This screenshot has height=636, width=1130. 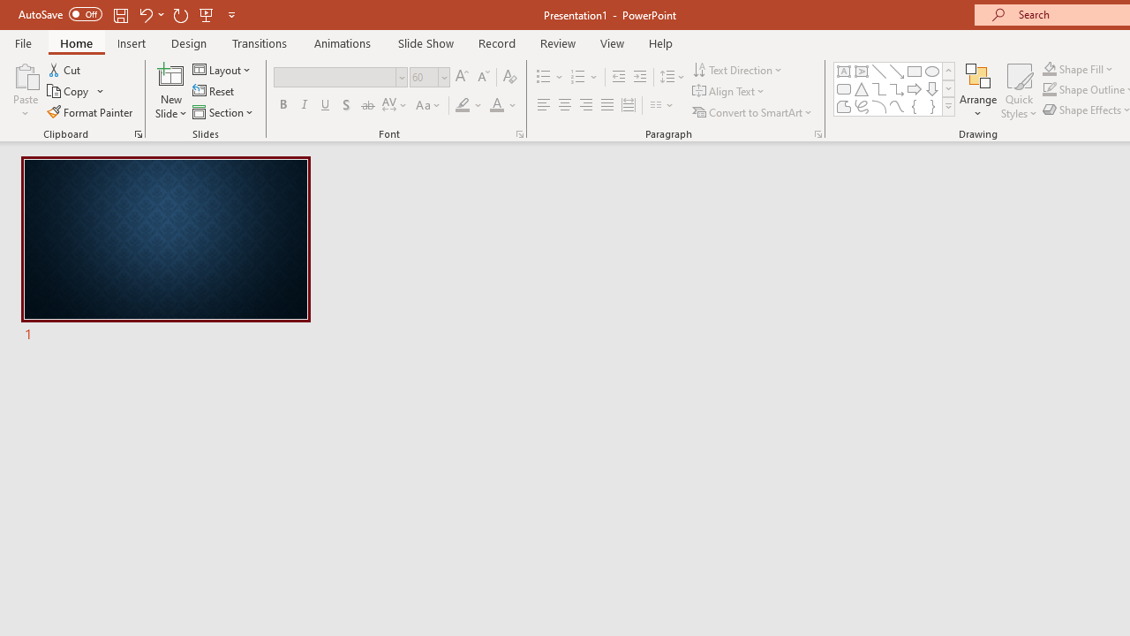 What do you see at coordinates (739, 69) in the screenshot?
I see `'Text Direction'` at bounding box center [739, 69].